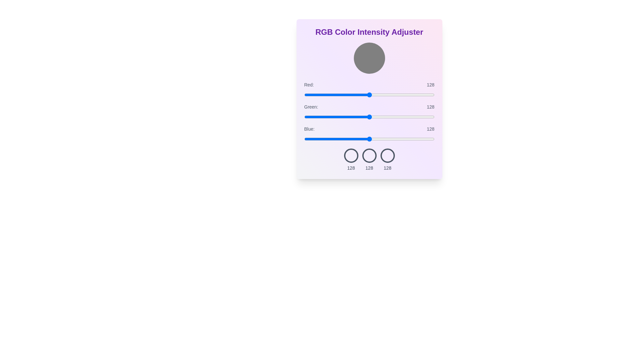  What do you see at coordinates (315, 116) in the screenshot?
I see `the green slider to set its intensity to 22` at bounding box center [315, 116].